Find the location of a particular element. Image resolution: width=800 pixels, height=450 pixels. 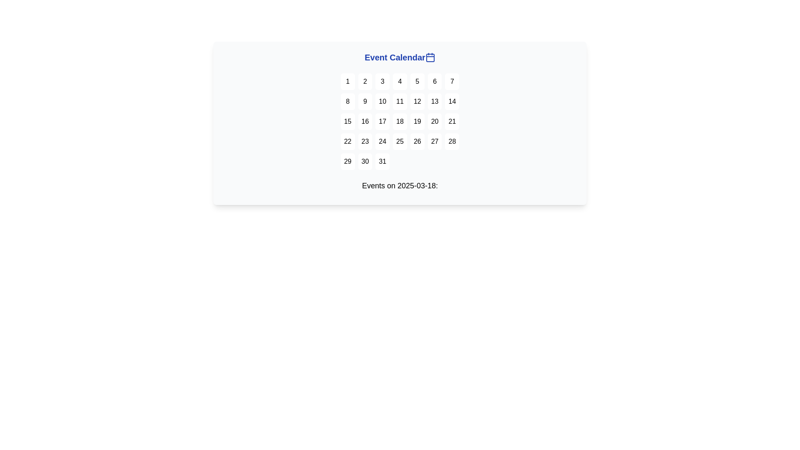

the square button labeled '15' in the third row and first column of the date button grid is located at coordinates (347, 122).